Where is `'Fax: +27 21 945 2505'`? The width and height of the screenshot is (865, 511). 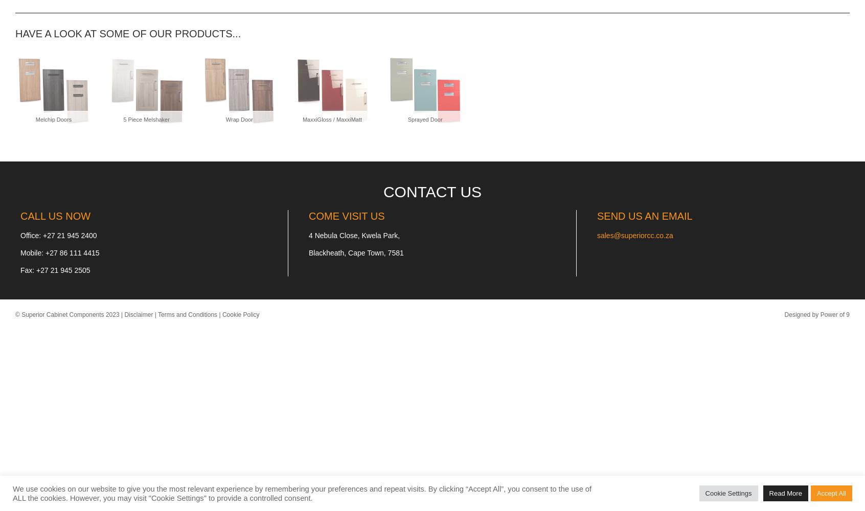 'Fax: +27 21 945 2505' is located at coordinates (55, 270).